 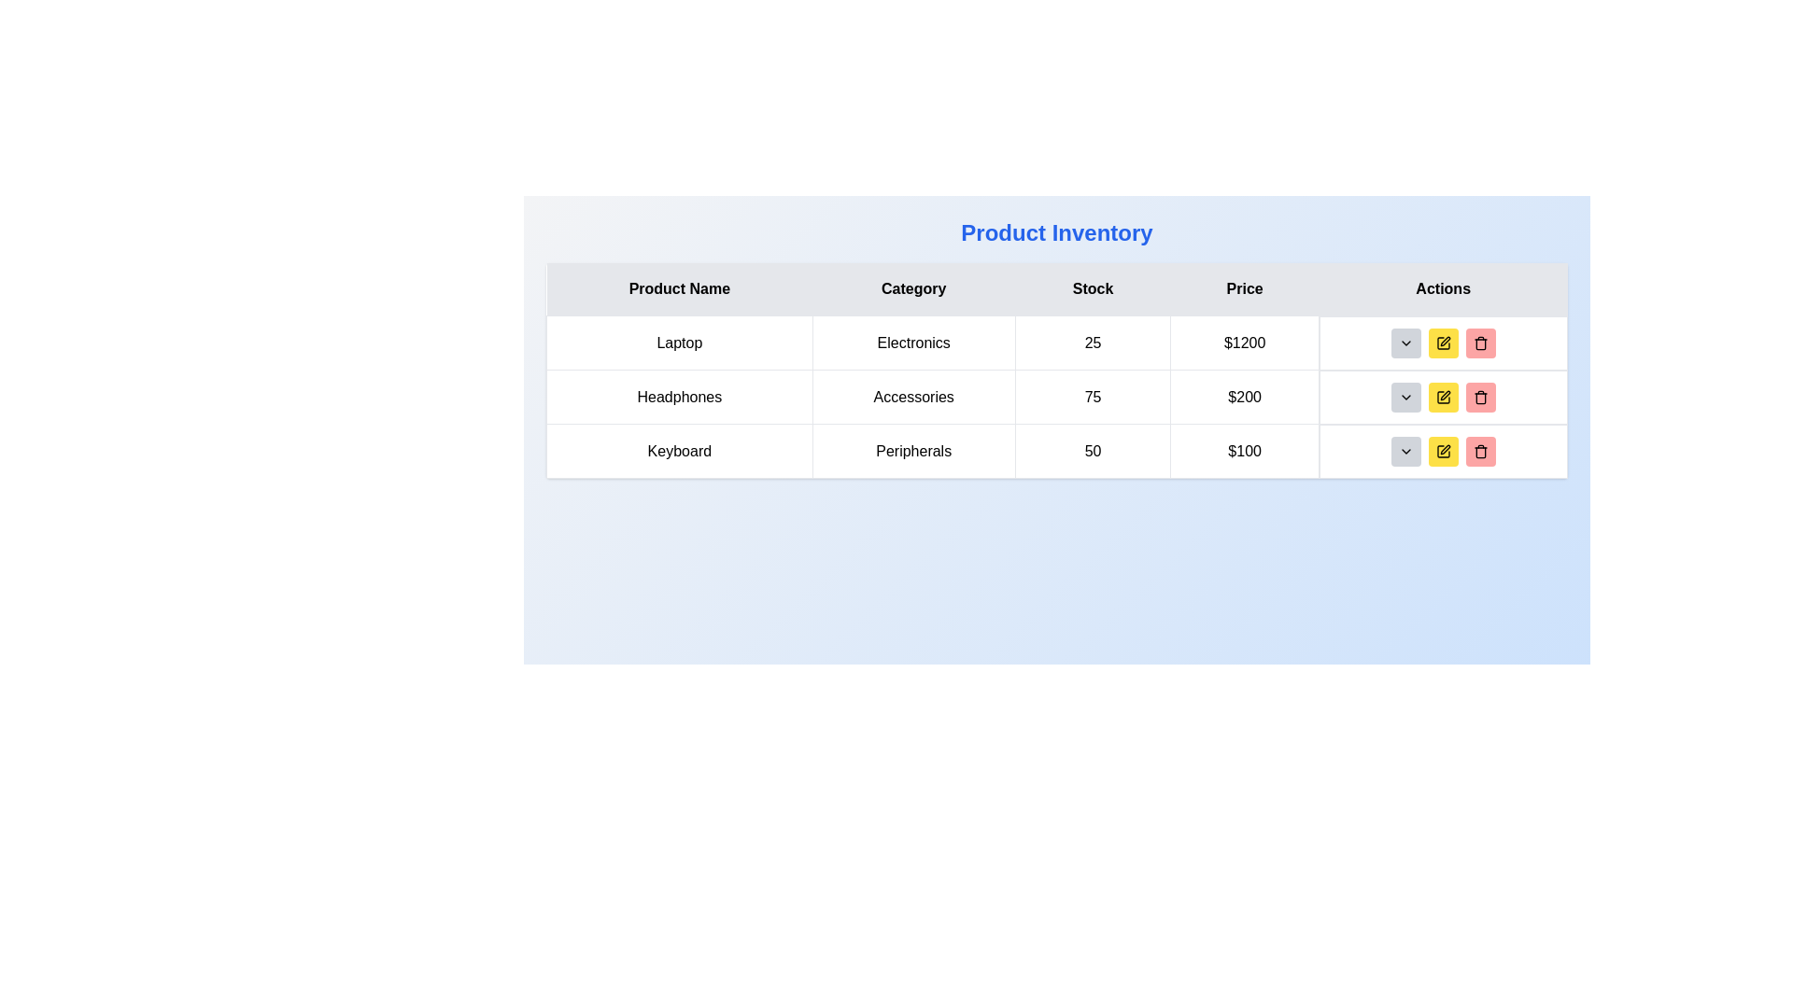 What do you see at coordinates (1093, 343) in the screenshot?
I see `the static text field displaying the stock quantity of the 'Laptop' item in the inventory table, located in the 'Stock' column of the table within the 'Laptop' row` at bounding box center [1093, 343].